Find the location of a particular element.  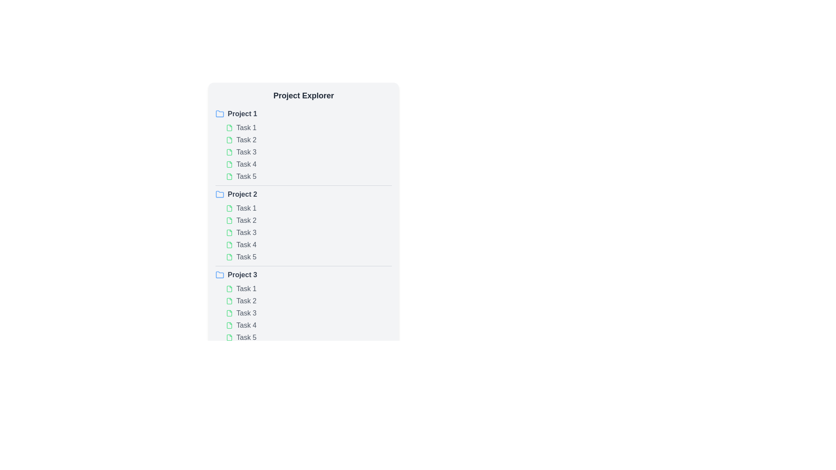

the task titled 'Task 3' under the 'Project 2' section is located at coordinates (309, 232).